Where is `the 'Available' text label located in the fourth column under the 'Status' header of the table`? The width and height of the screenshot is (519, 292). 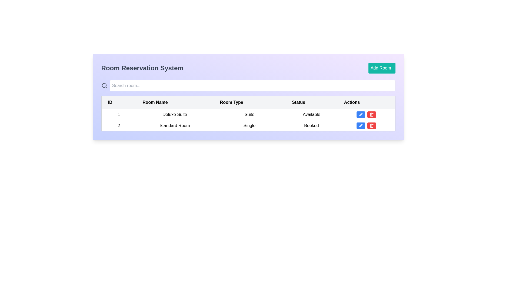 the 'Available' text label located in the fourth column under the 'Status' header of the table is located at coordinates (311, 114).